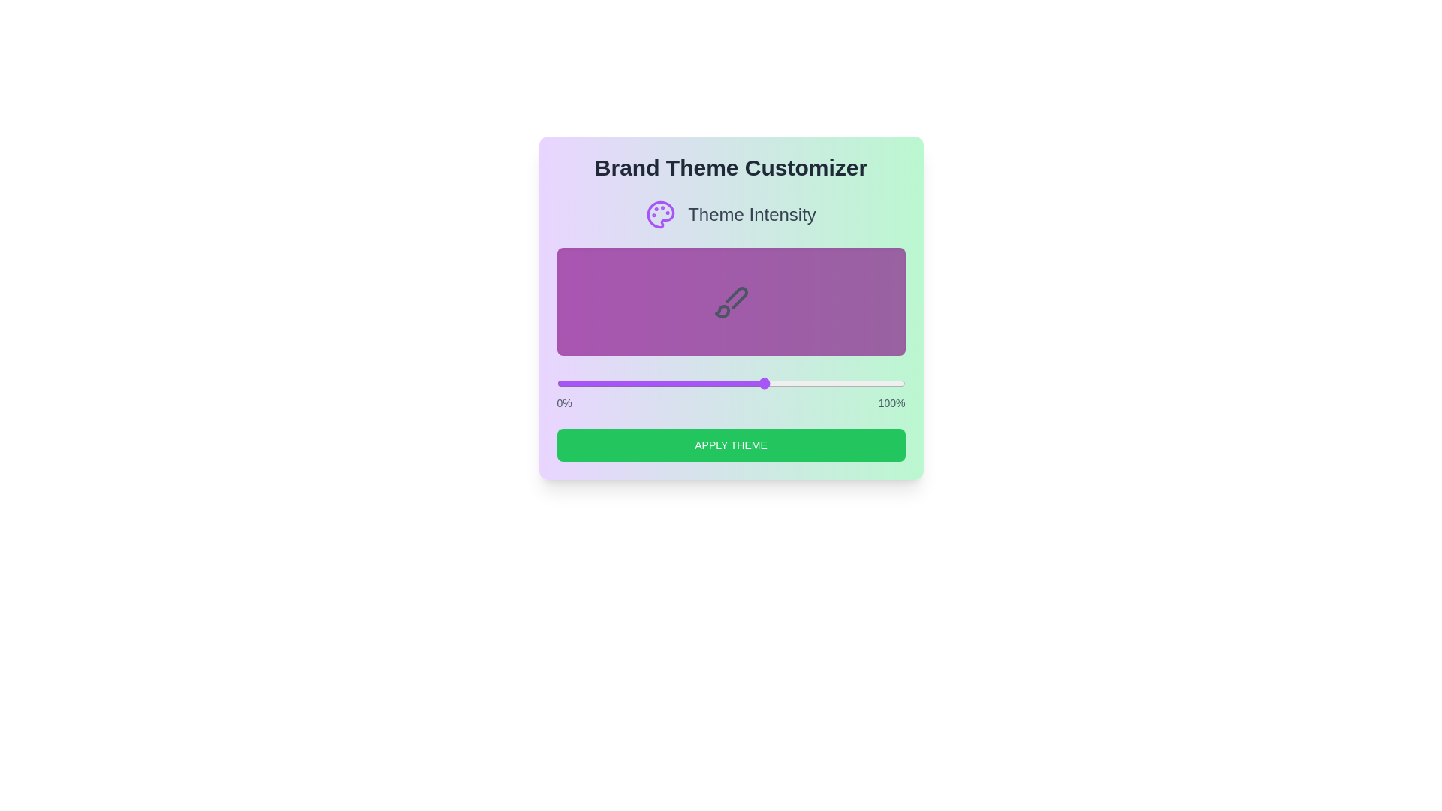  What do you see at coordinates (803, 382) in the screenshot?
I see `the theme intensity to 71 percent using the slider` at bounding box center [803, 382].